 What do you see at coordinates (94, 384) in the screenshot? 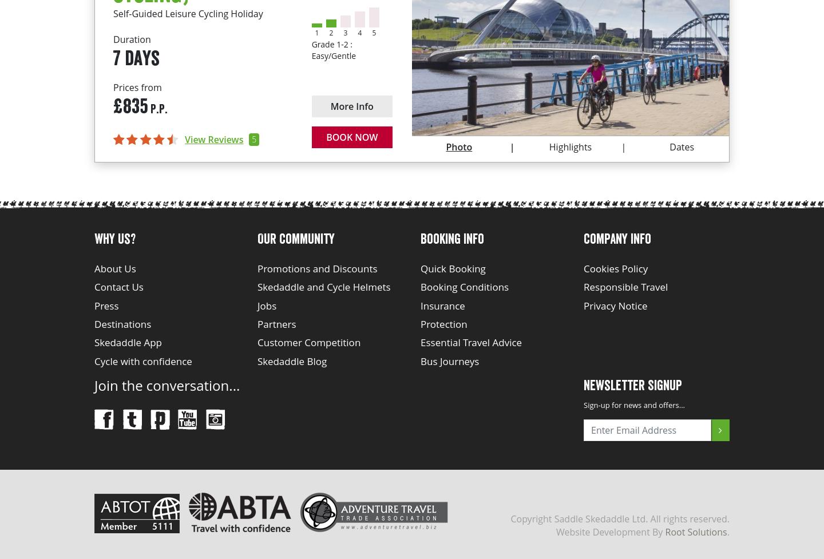
I see `'Join the conversation...'` at bounding box center [94, 384].